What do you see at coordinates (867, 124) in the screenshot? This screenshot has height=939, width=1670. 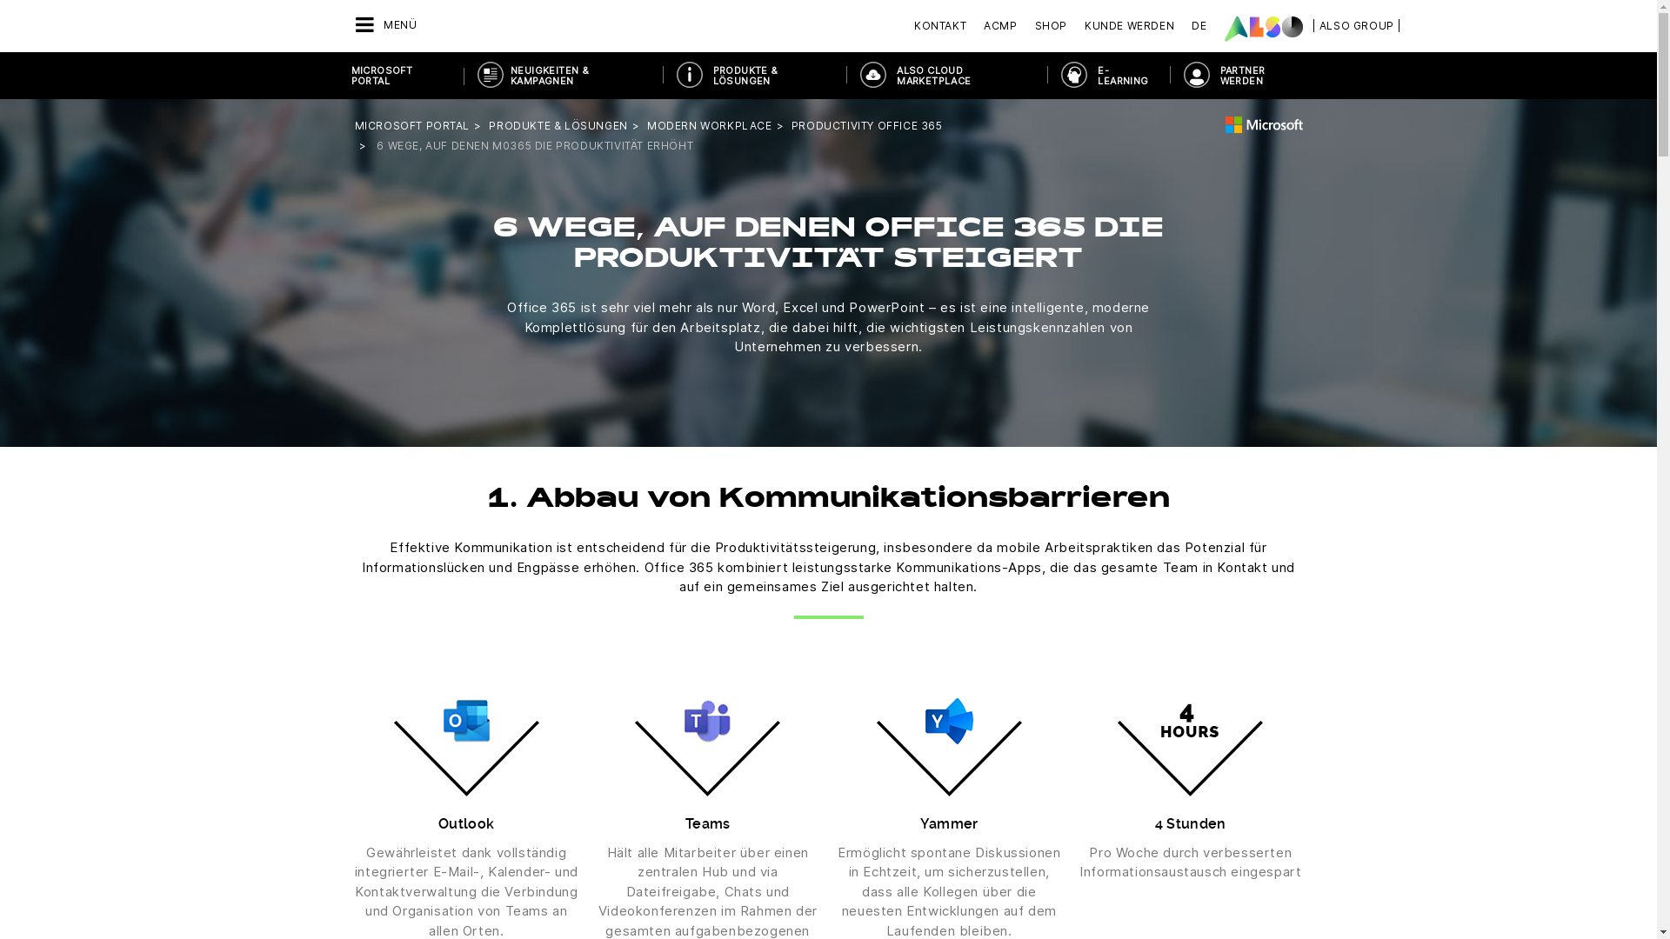 I see `'PRODUCTIVITY OFFICE 365'` at bounding box center [867, 124].